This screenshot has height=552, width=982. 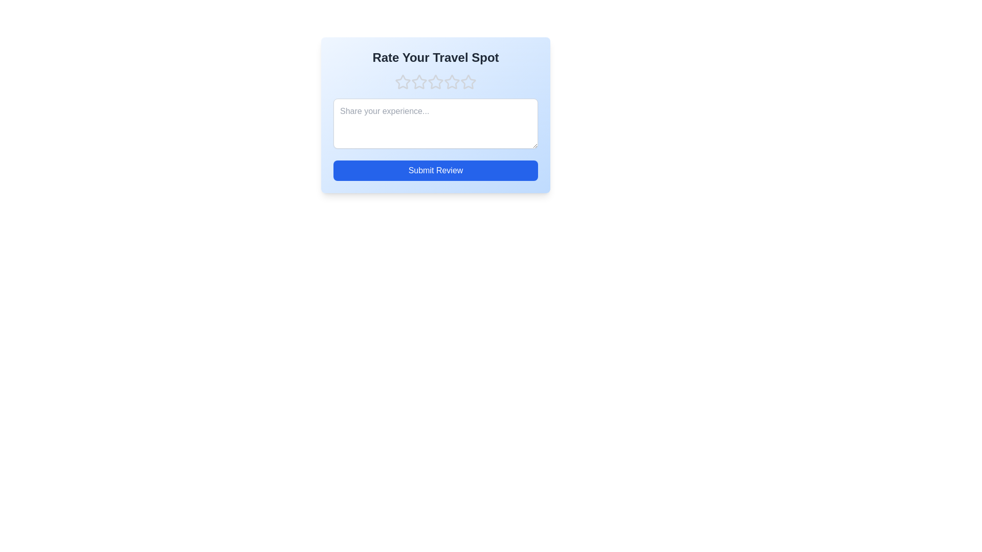 What do you see at coordinates (419, 82) in the screenshot?
I see `the travel spot rating to 2 stars by clicking on the corresponding star` at bounding box center [419, 82].